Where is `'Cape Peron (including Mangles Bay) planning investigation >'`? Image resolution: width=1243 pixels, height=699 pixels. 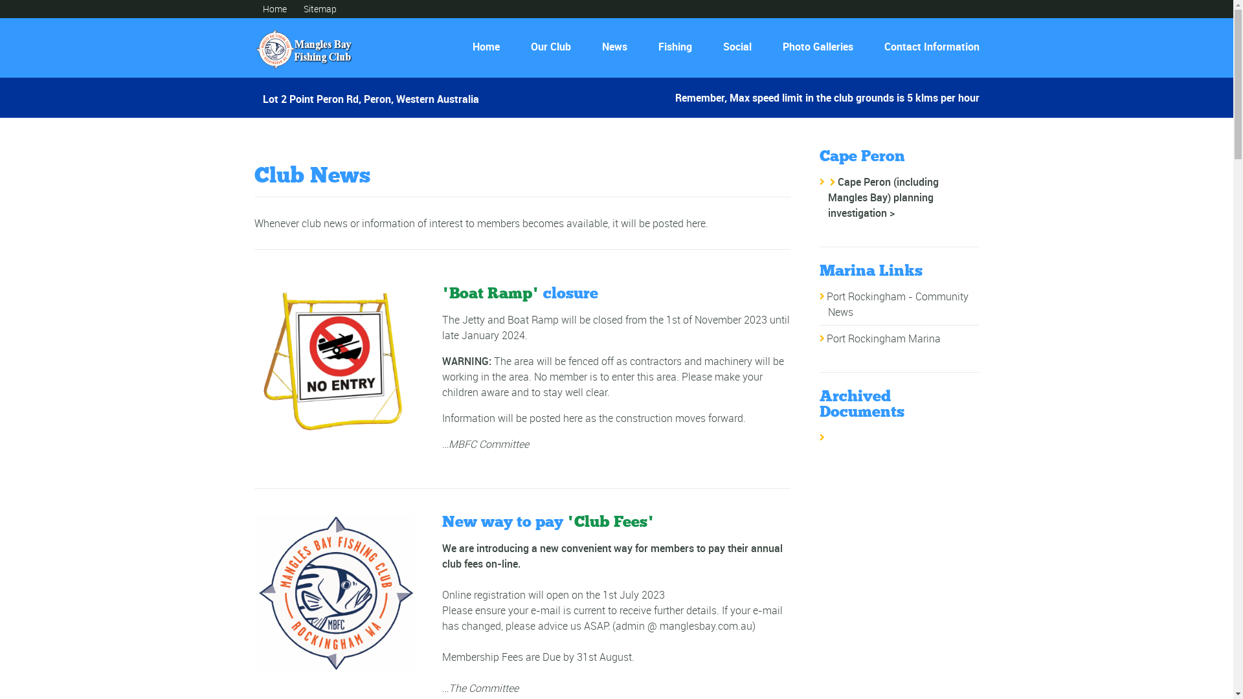
'Cape Peron (including Mangles Bay) planning investigation >' is located at coordinates (882, 197).